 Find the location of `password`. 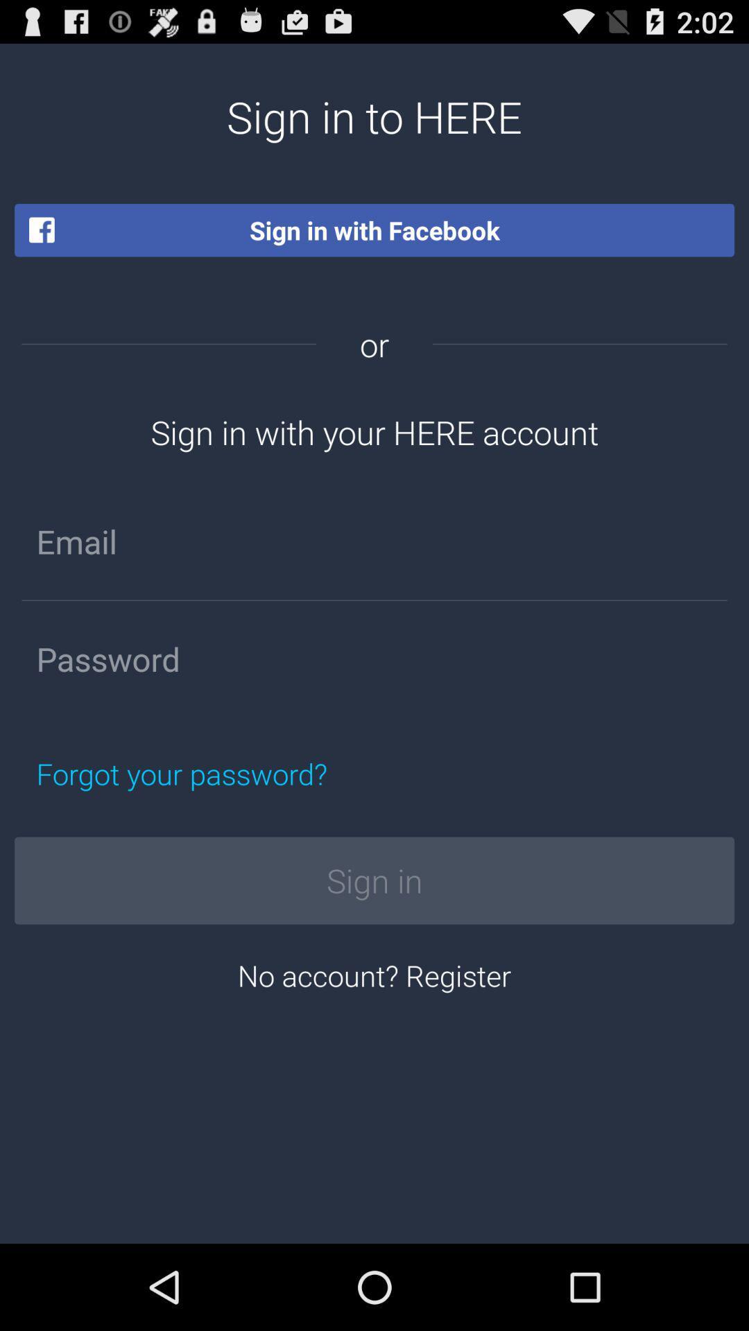

password is located at coordinates (374, 658).